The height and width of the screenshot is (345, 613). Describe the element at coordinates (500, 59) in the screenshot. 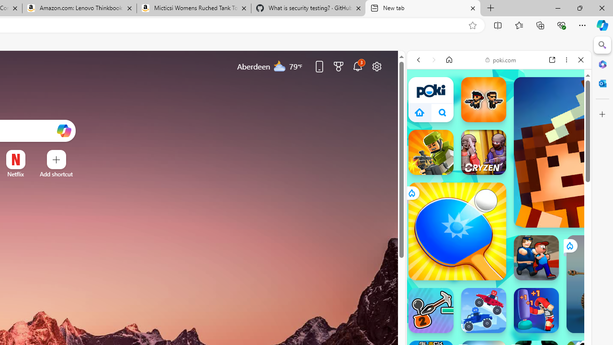

I see `'poki.com'` at that location.